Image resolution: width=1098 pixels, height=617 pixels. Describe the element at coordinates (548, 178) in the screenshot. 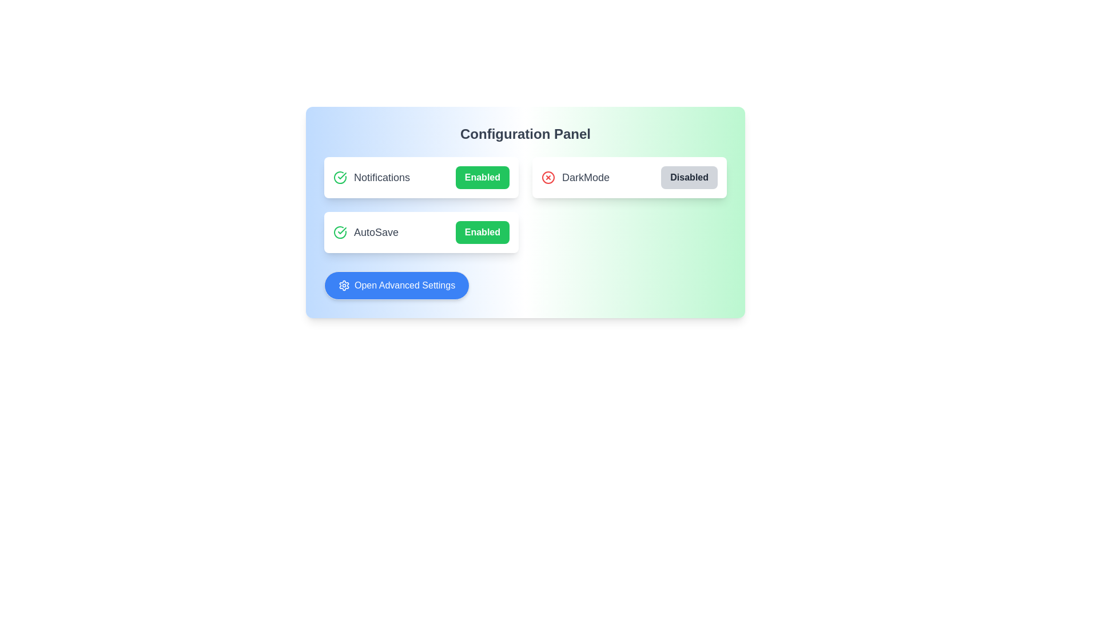

I see `the XCircle icon to toggle its state` at that location.